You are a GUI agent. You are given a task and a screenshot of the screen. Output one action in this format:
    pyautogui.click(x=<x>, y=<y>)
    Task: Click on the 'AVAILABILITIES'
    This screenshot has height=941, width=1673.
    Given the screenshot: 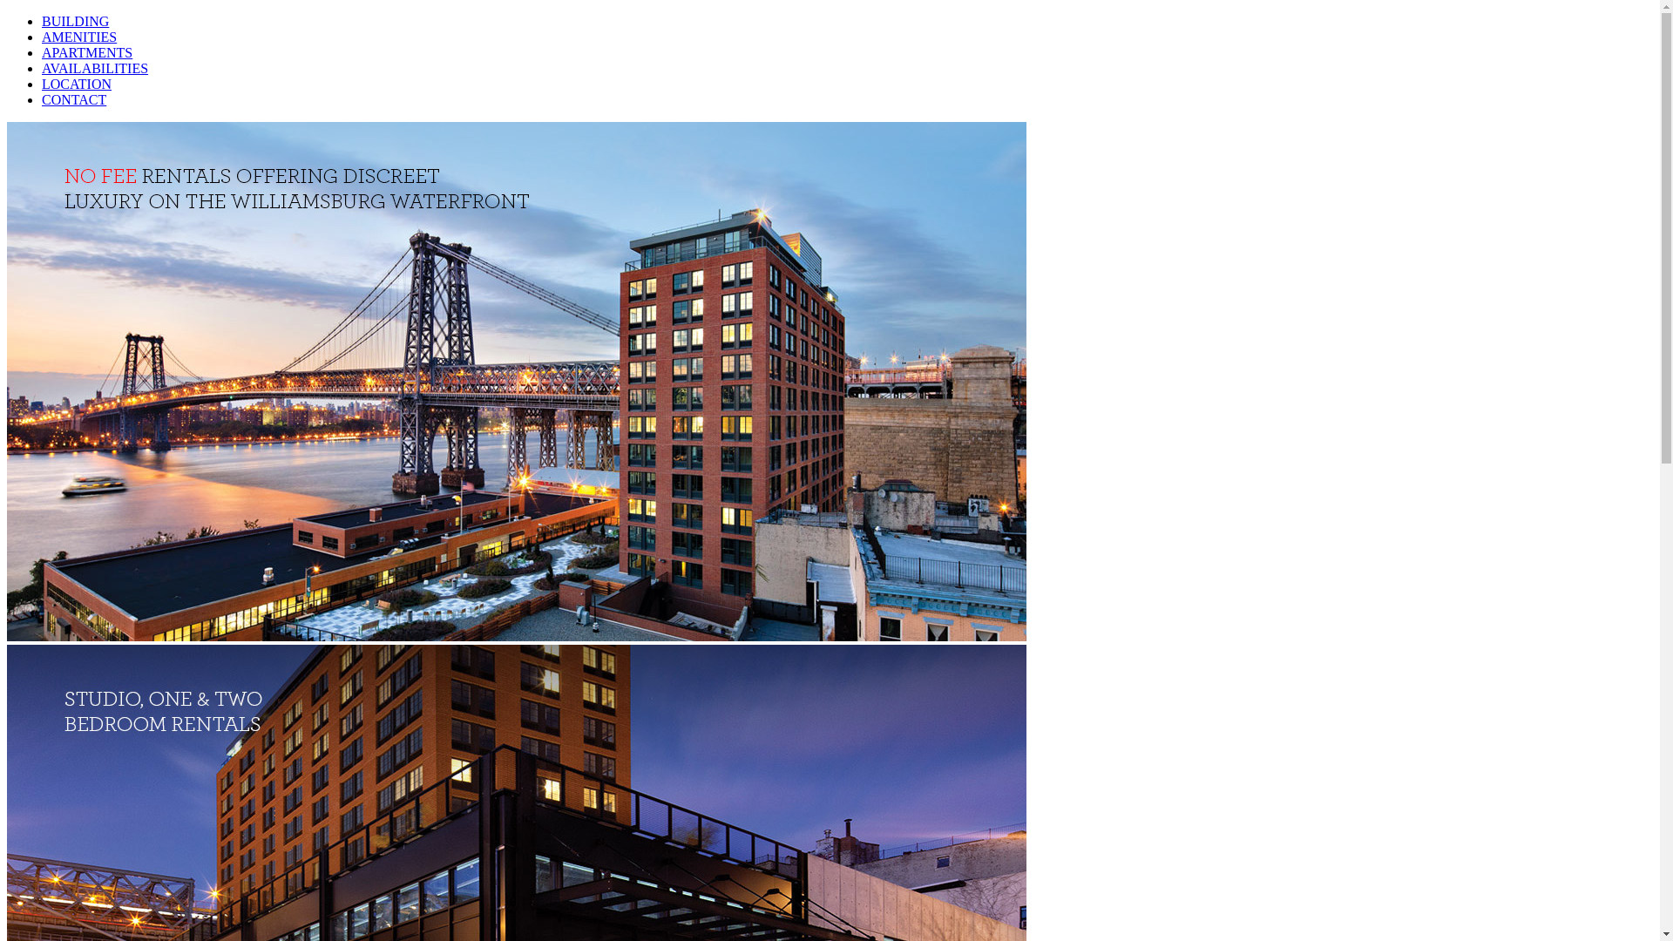 What is the action you would take?
    pyautogui.click(x=94, y=67)
    